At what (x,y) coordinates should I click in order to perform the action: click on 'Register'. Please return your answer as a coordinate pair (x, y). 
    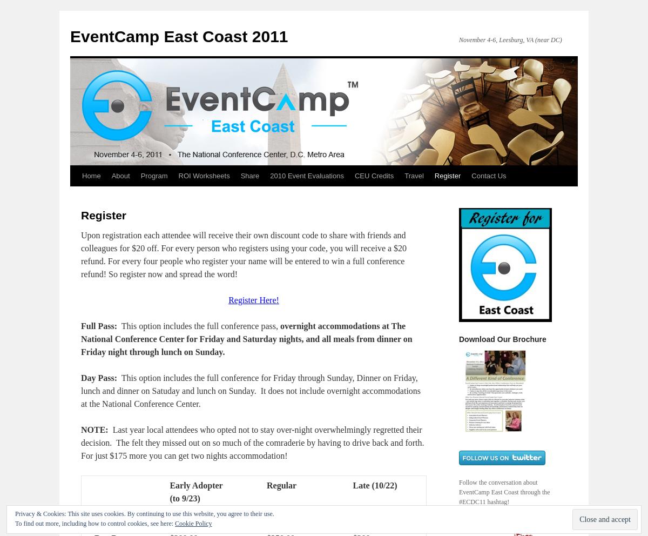
    Looking at the image, I should click on (103, 215).